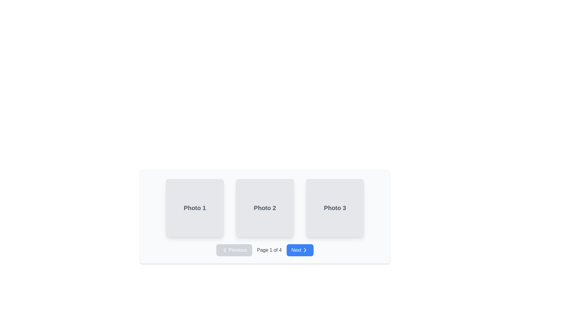  What do you see at coordinates (334, 208) in the screenshot?
I see `the 'Photo 3' static card` at bounding box center [334, 208].